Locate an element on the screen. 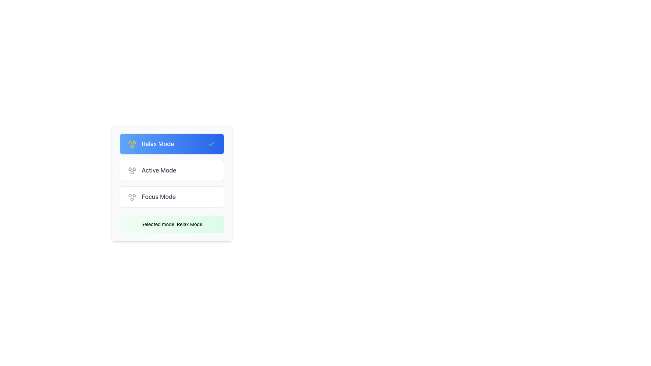  the 'Active Mode' text label is located at coordinates (152, 170).